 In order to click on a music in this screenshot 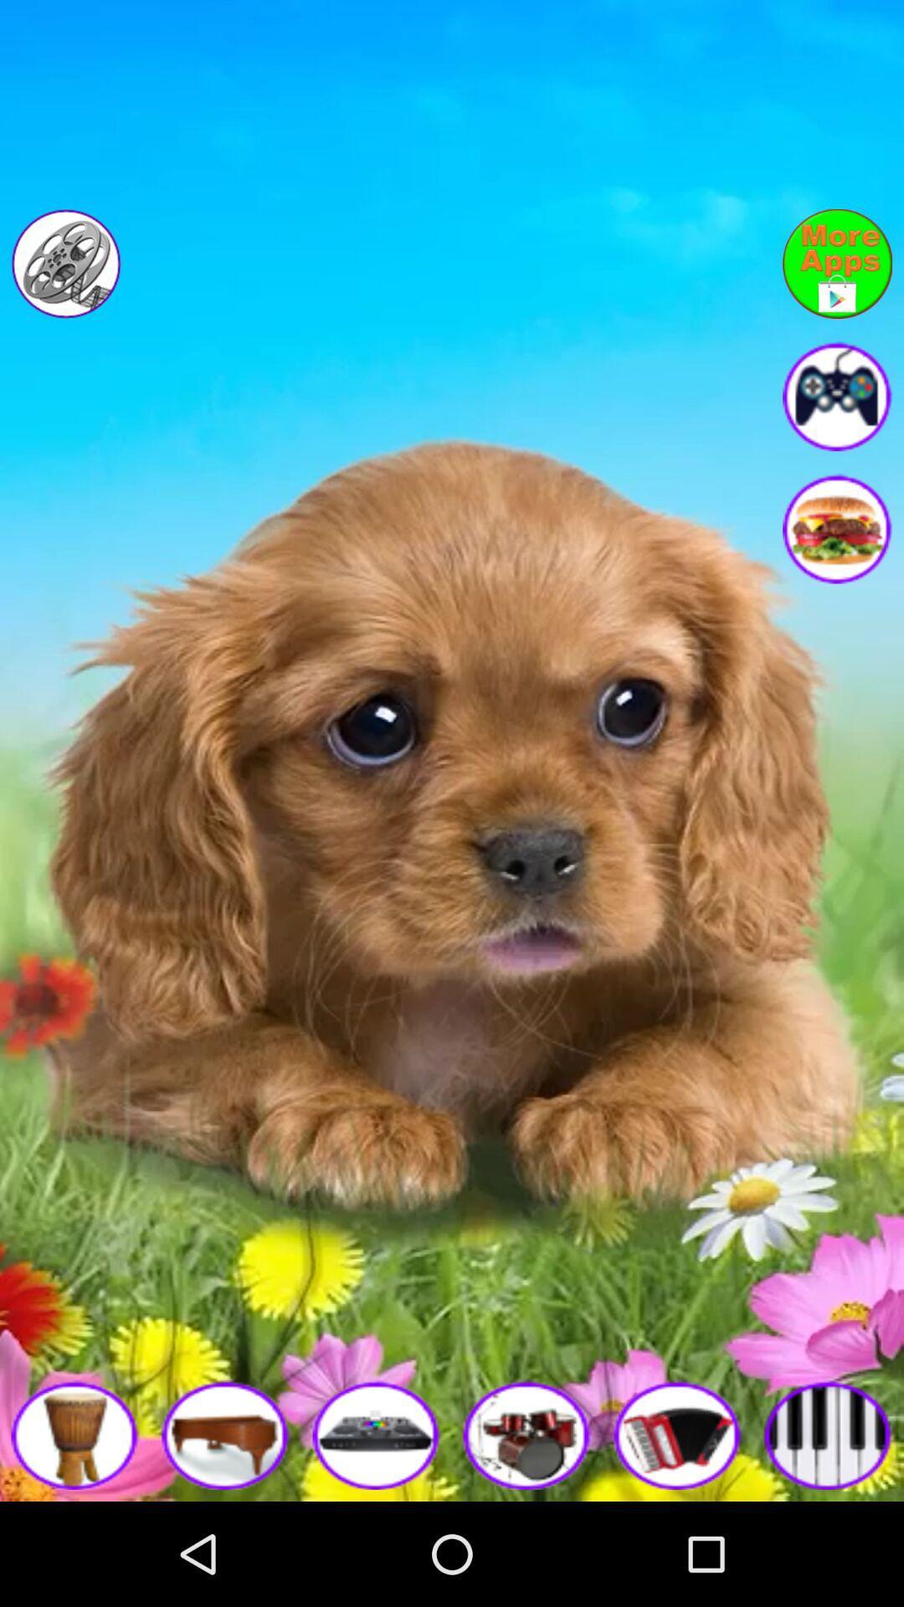, I will do `click(377, 1434)`.